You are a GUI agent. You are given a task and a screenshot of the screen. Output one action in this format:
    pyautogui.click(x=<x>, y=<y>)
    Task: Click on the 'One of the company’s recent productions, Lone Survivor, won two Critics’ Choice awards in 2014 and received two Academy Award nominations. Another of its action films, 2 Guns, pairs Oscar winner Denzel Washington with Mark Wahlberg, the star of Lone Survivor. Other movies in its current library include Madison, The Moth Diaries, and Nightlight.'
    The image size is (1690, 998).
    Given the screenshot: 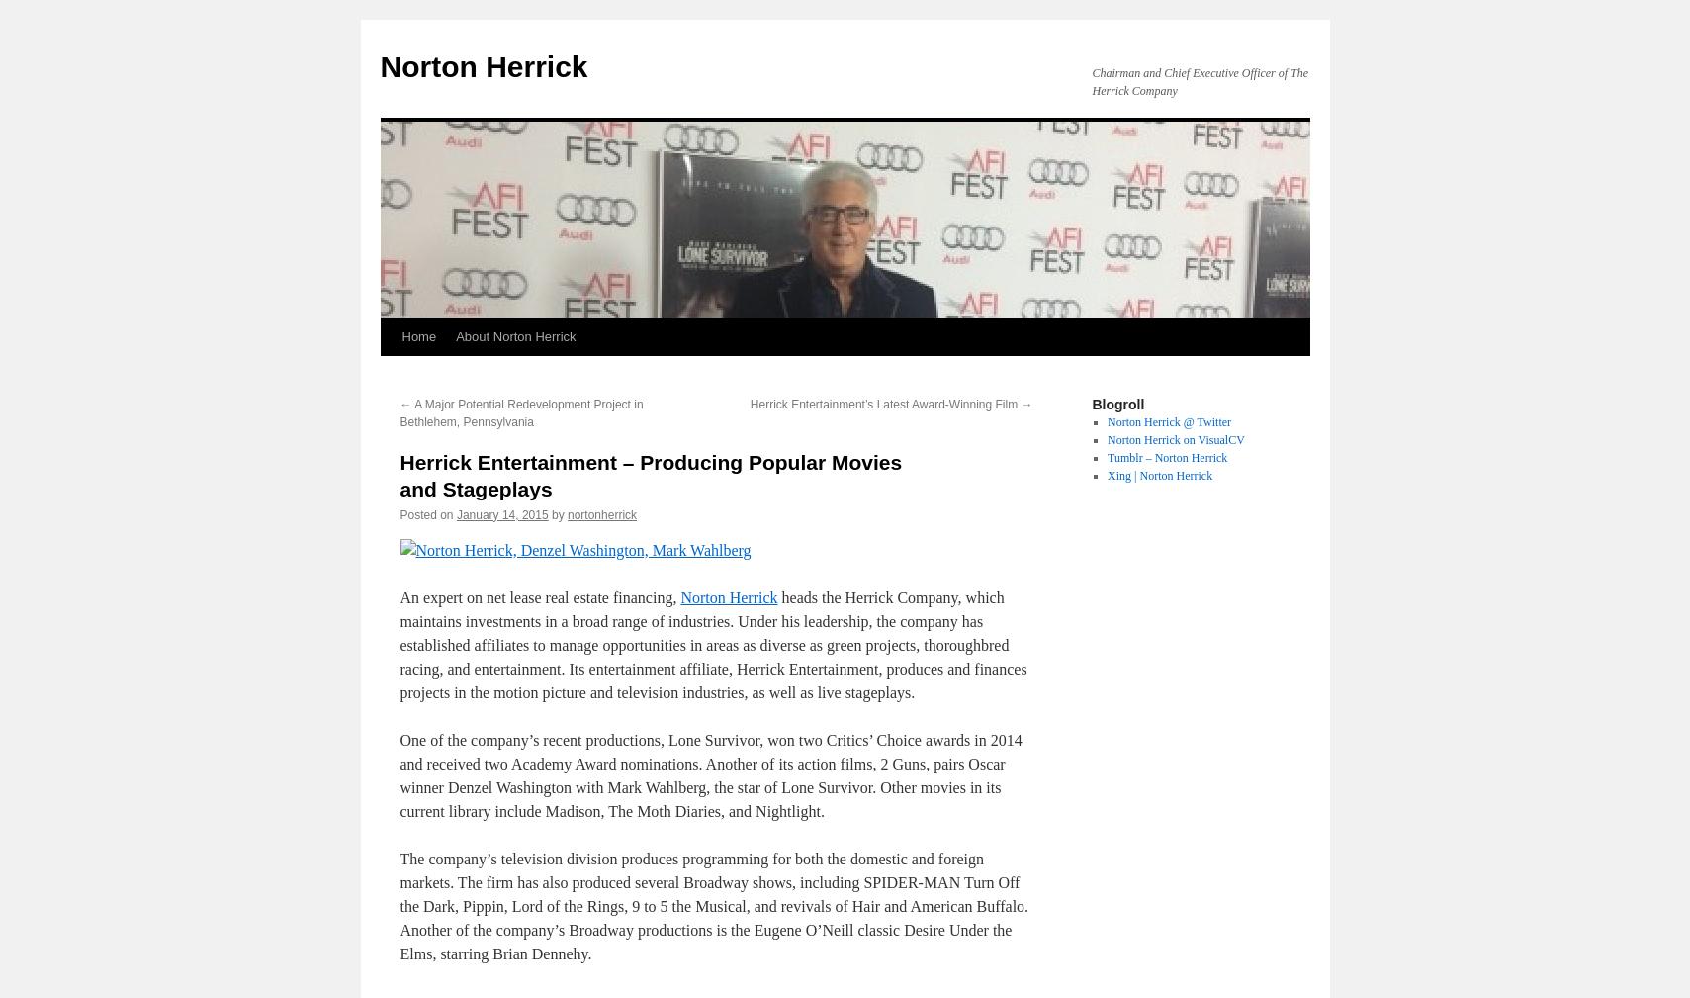 What is the action you would take?
    pyautogui.click(x=709, y=774)
    